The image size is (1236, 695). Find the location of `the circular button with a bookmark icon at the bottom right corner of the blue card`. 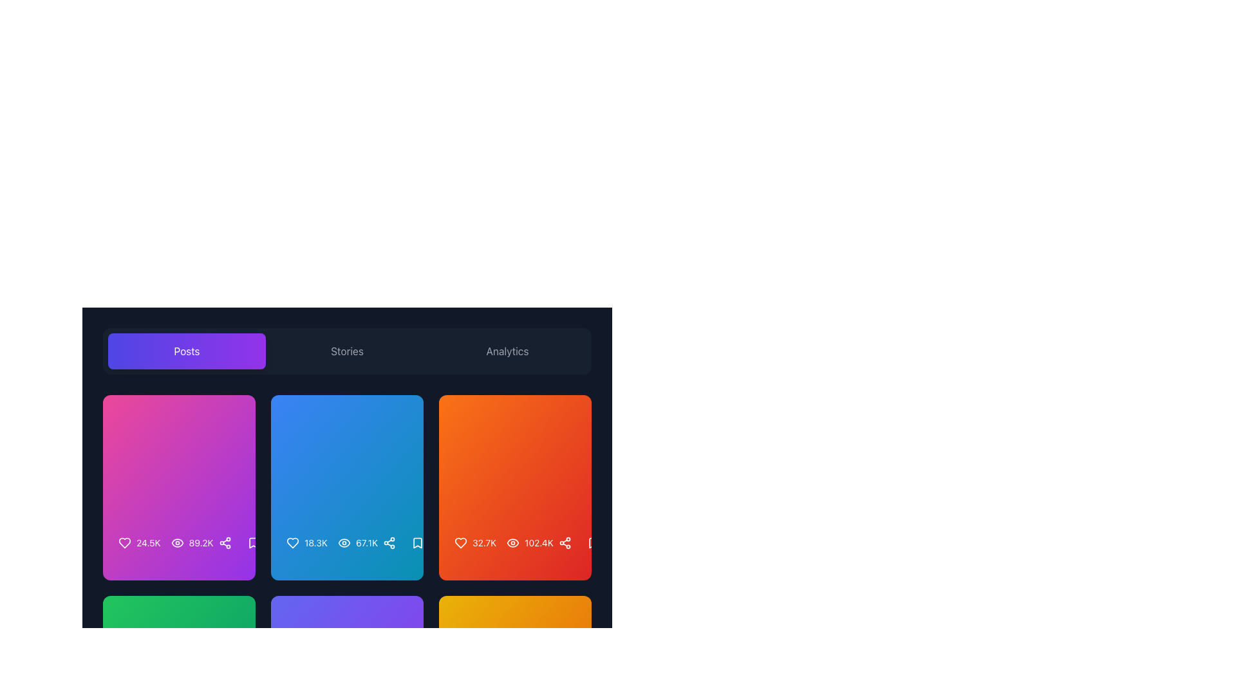

the circular button with a bookmark icon at the bottom right corner of the blue card is located at coordinates (417, 543).